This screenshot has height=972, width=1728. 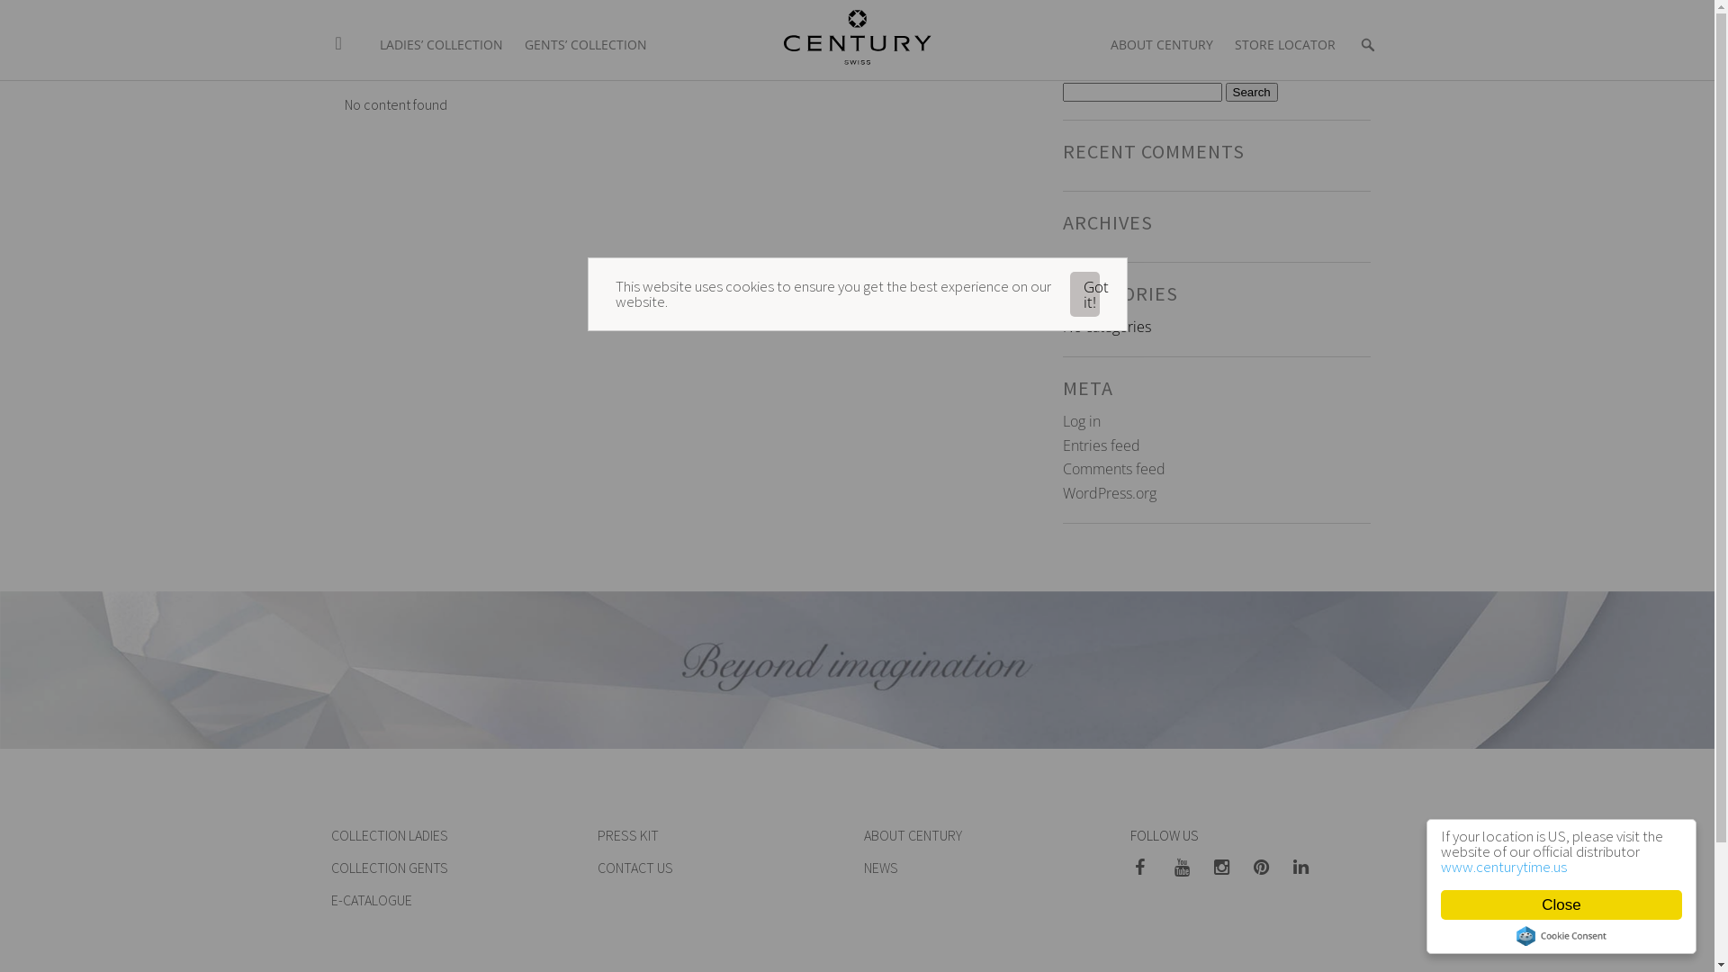 I want to click on 'COLLECTION GENTS', so click(x=388, y=867).